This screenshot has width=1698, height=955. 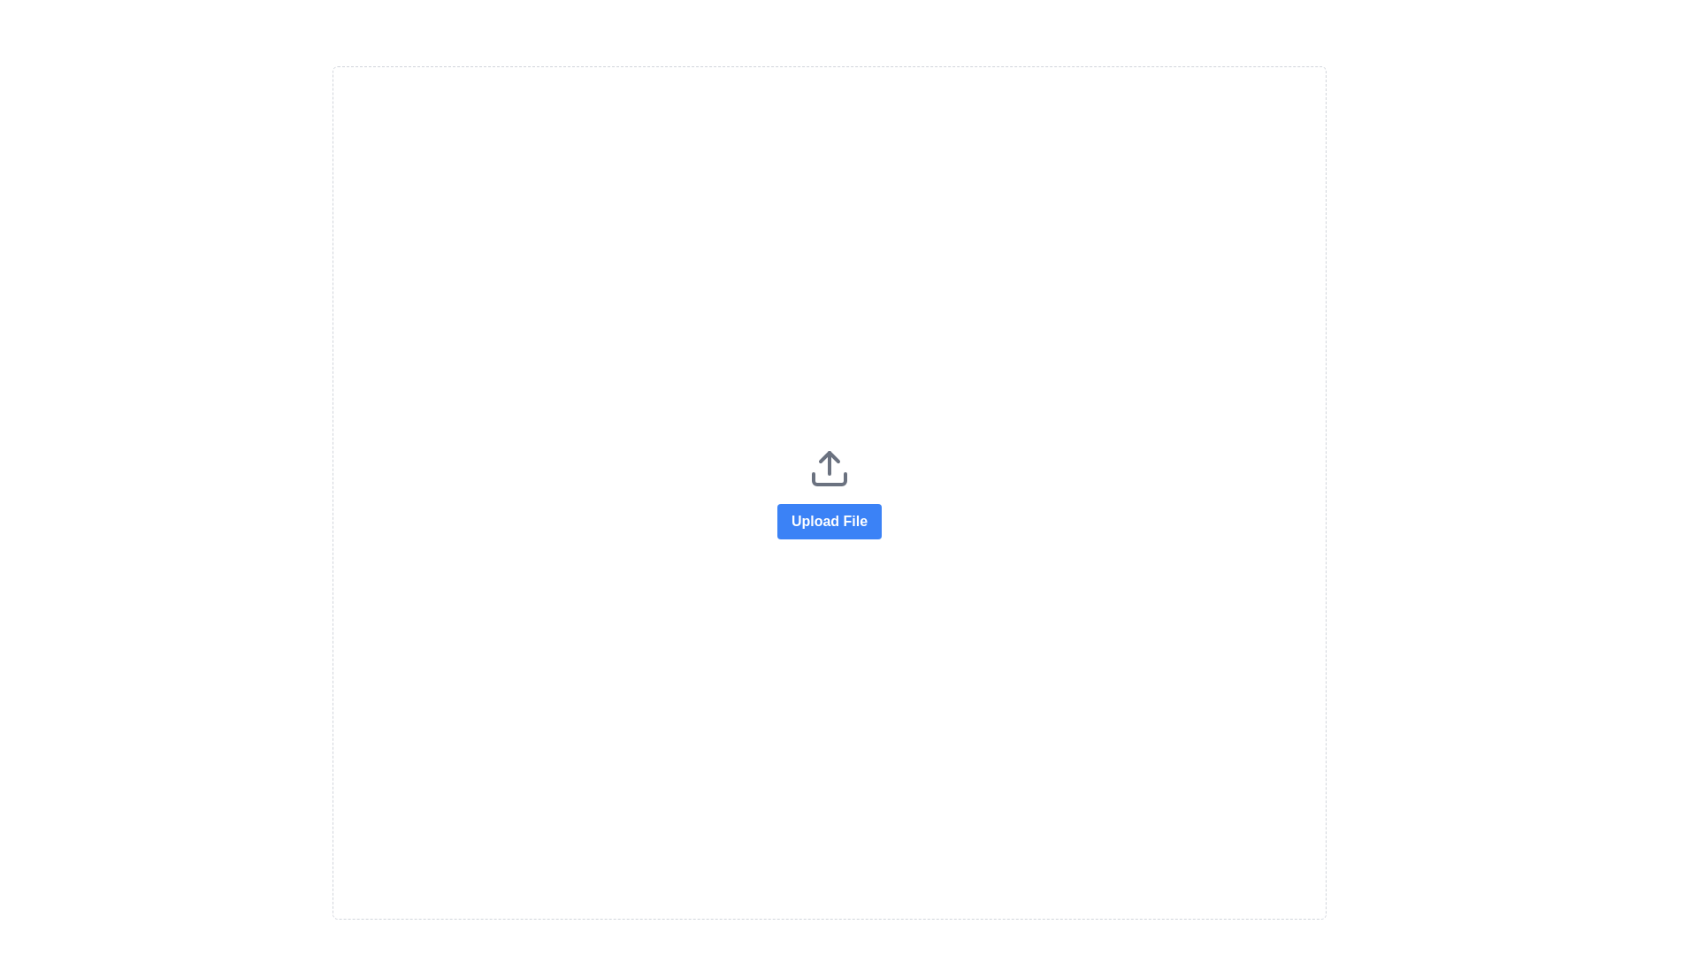 What do you see at coordinates (828, 478) in the screenshot?
I see `the visual representation of the Icon component that serves as the tray part of the upload icon, positioned centrally below the upward-pointing arrow` at bounding box center [828, 478].